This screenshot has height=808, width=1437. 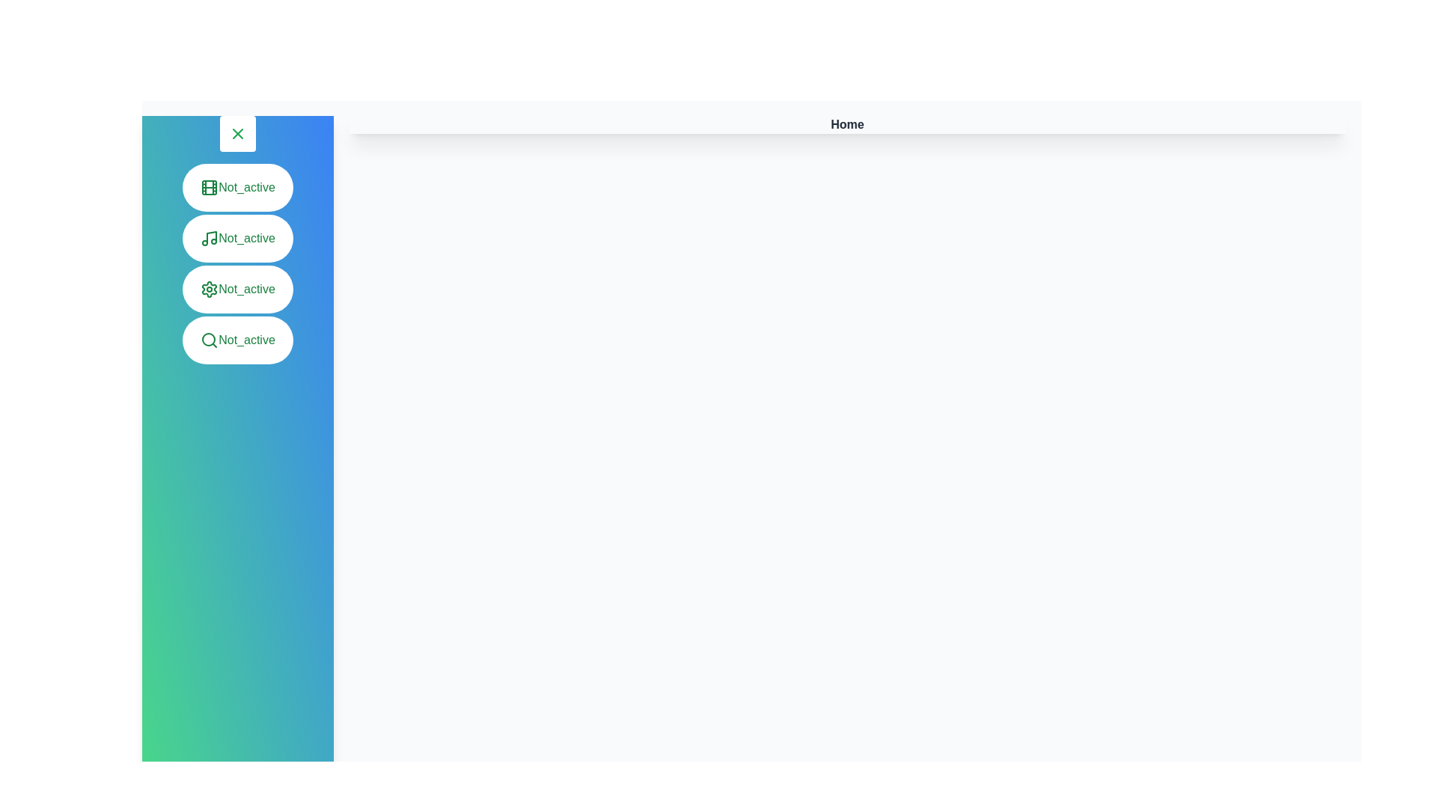 What do you see at coordinates (237, 238) in the screenshot?
I see `the menu item to activate the Music panel` at bounding box center [237, 238].